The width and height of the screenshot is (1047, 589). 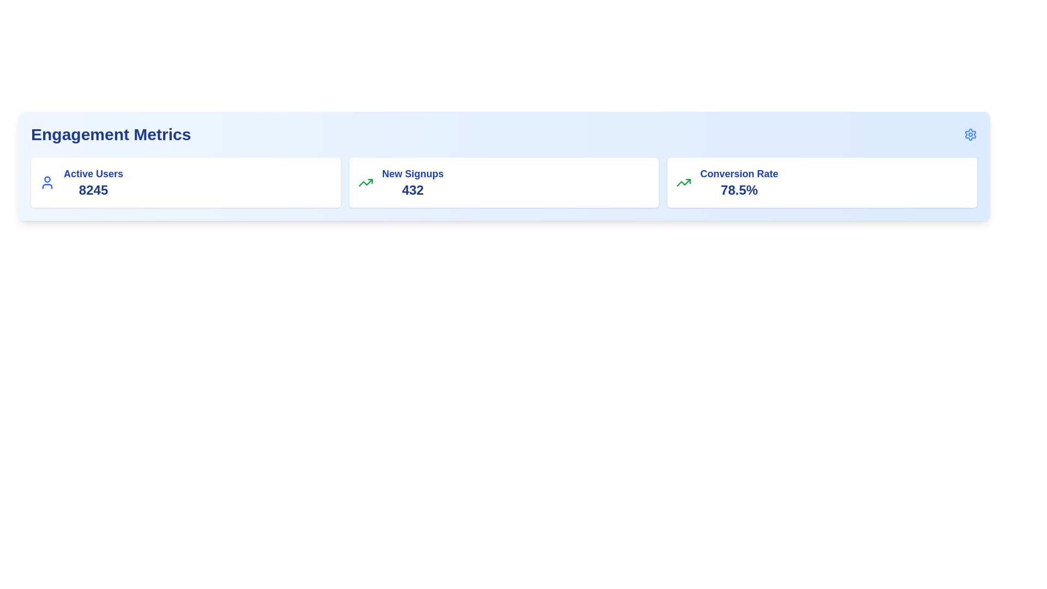 What do you see at coordinates (365, 182) in the screenshot?
I see `the upward-trending green arrow icon located in the upper-left corner of the card displaying user metrics, adjacent to the text 'New Signups 432'` at bounding box center [365, 182].